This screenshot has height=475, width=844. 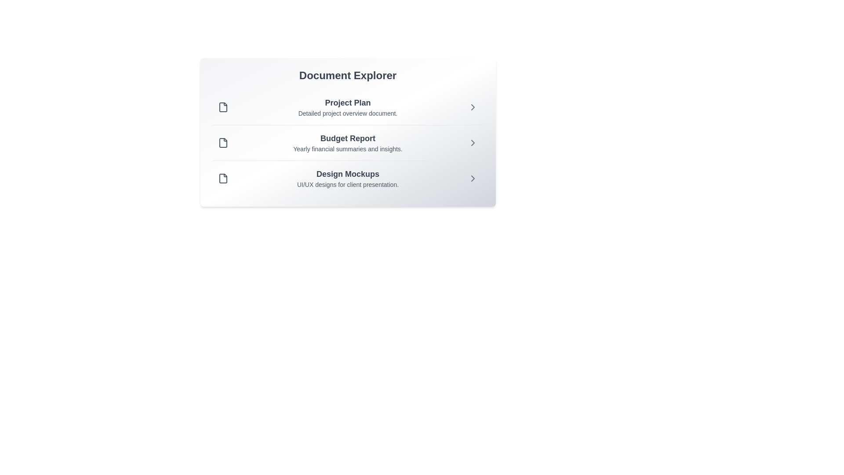 I want to click on the chevron icon next to the document titled 'Design Mockups' to view its details, so click(x=472, y=178).